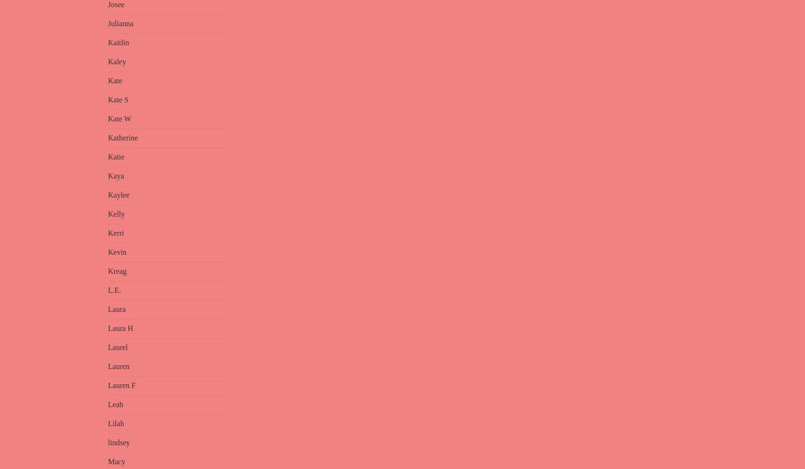 The width and height of the screenshot is (805, 469). I want to click on 'Kate', so click(115, 80).